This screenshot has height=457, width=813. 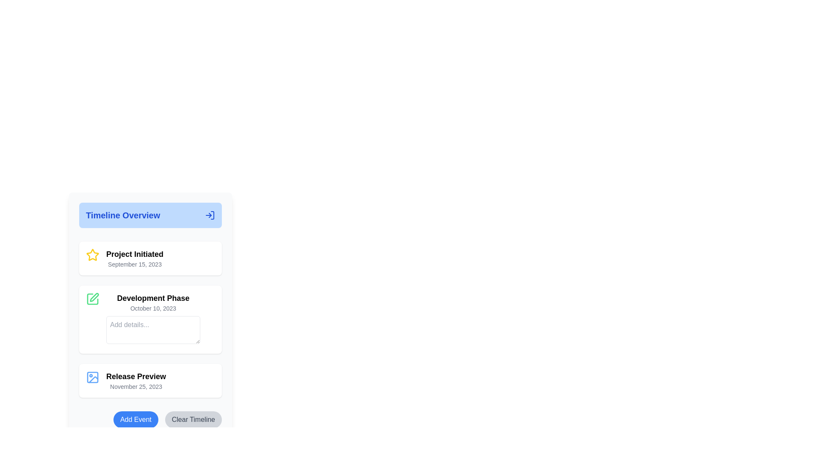 What do you see at coordinates (134, 254) in the screenshot?
I see `the text label displaying 'Project Initiated'` at bounding box center [134, 254].